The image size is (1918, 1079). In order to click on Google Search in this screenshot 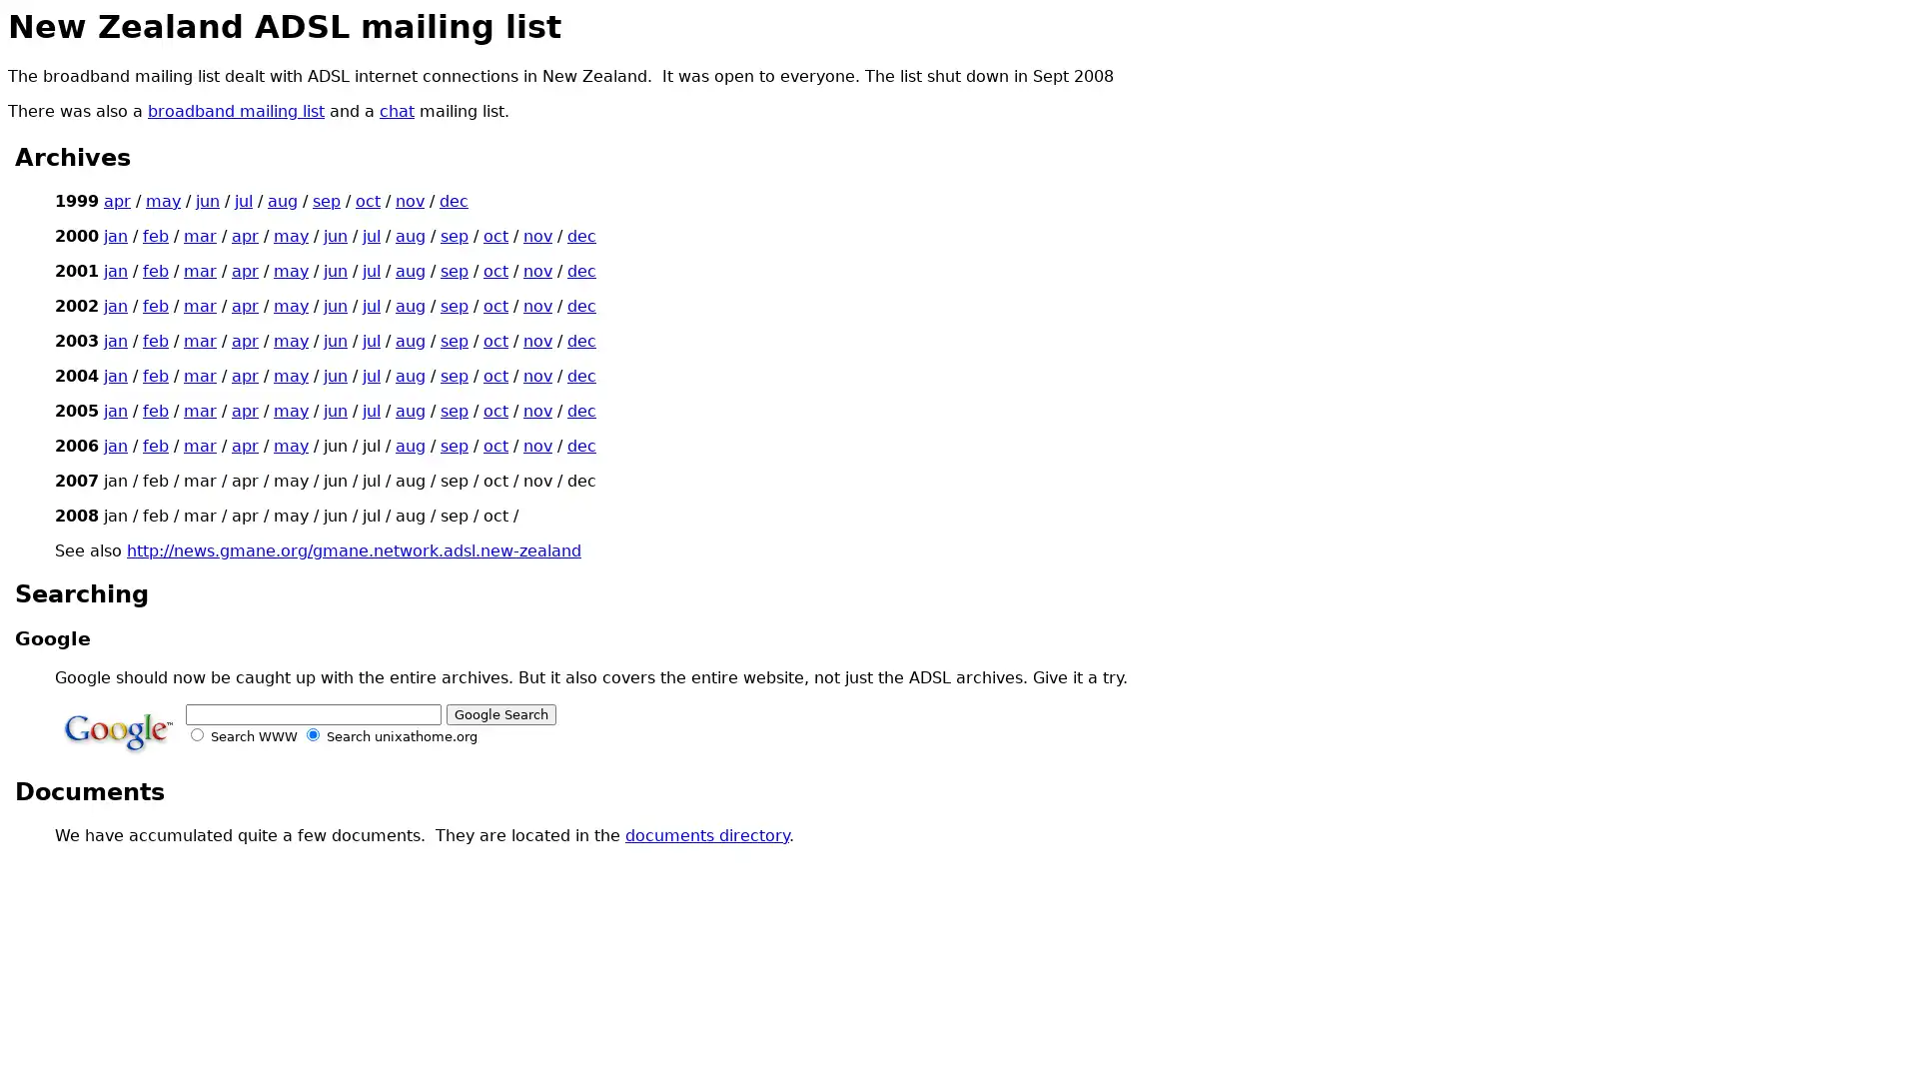, I will do `click(501, 712)`.